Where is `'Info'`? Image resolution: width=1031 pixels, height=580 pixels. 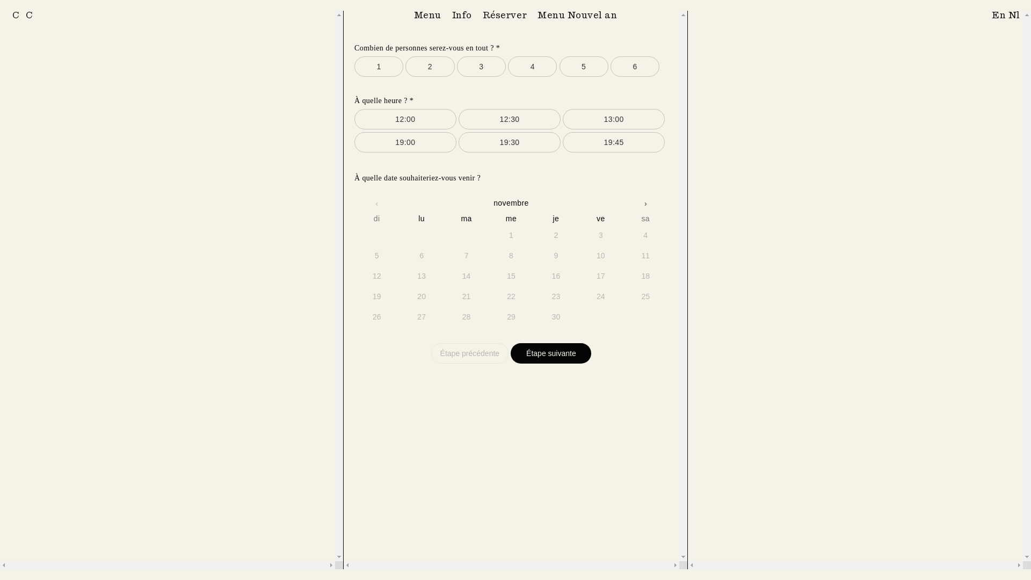
'Info' is located at coordinates (462, 15).